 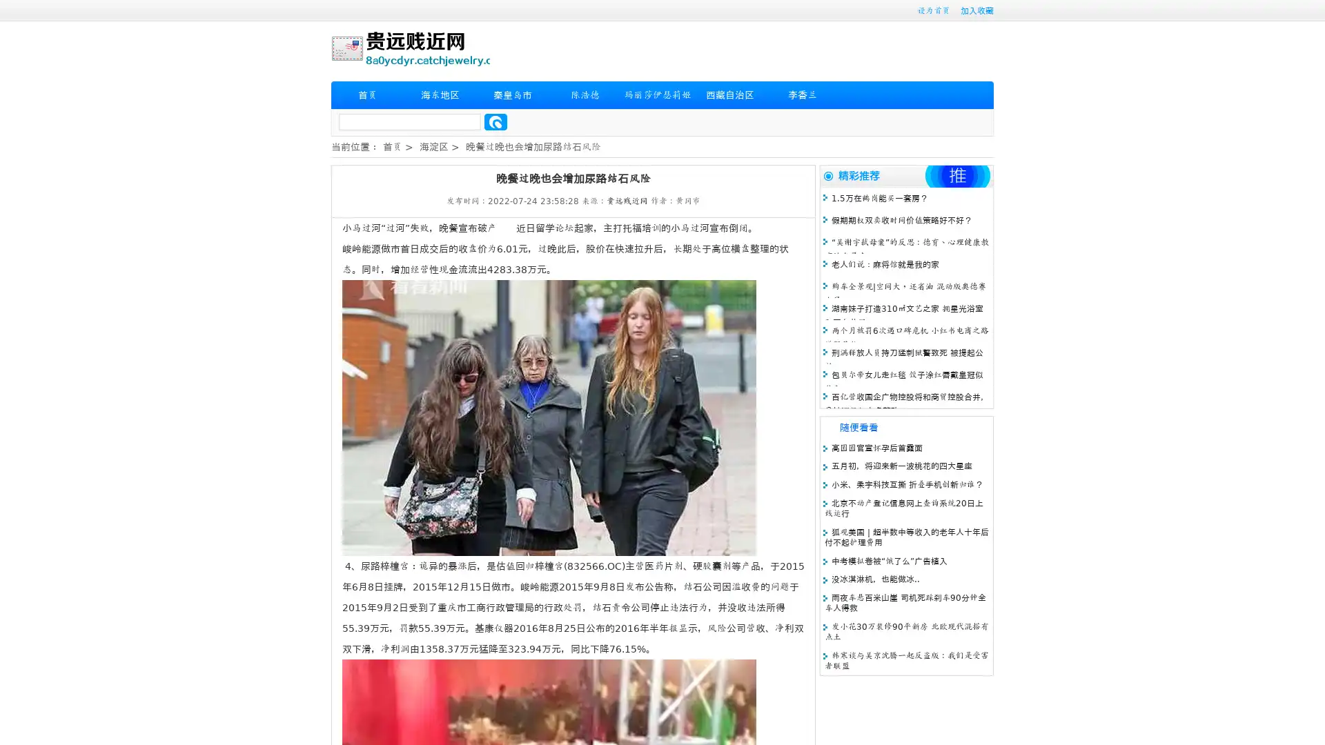 What do you see at coordinates (495, 121) in the screenshot?
I see `Search` at bounding box center [495, 121].